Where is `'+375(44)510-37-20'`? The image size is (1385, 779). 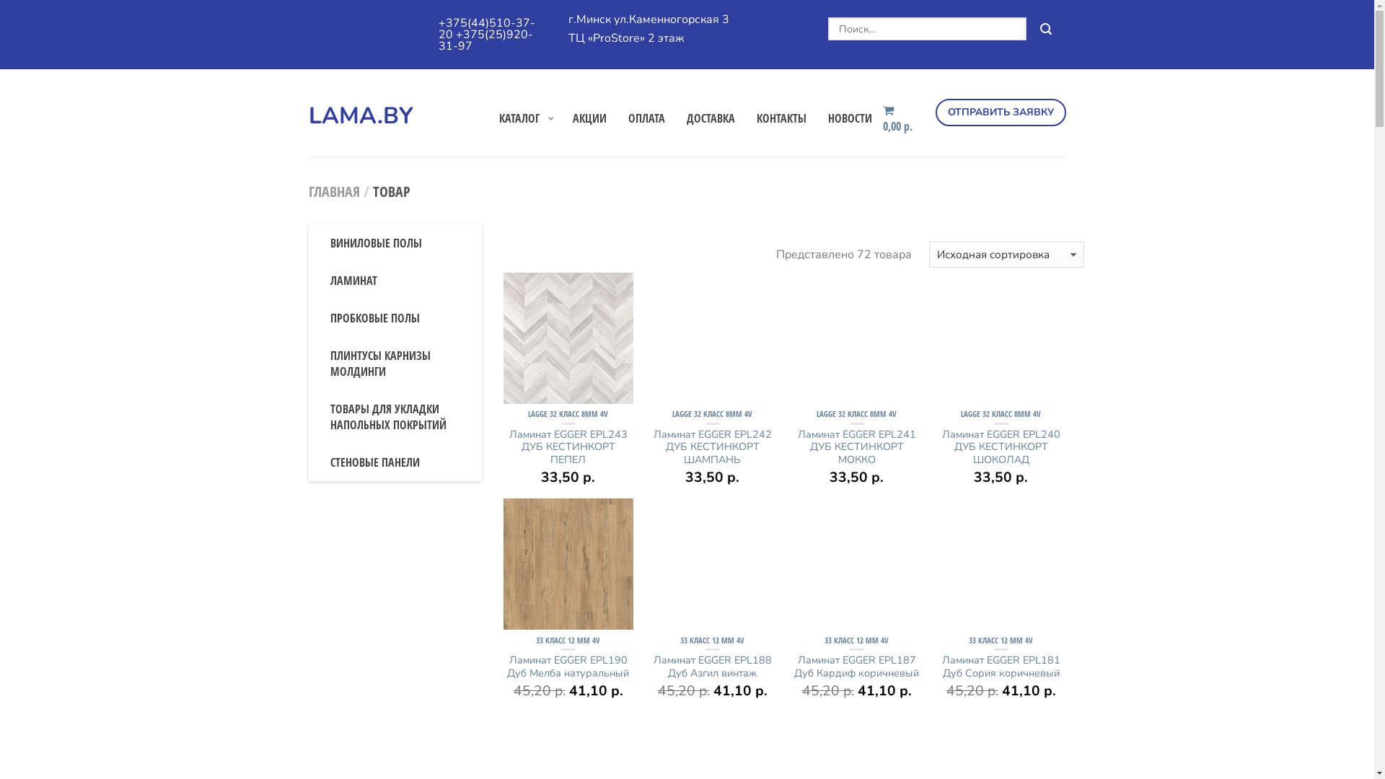
'+375(44)510-37-20' is located at coordinates (487, 28).